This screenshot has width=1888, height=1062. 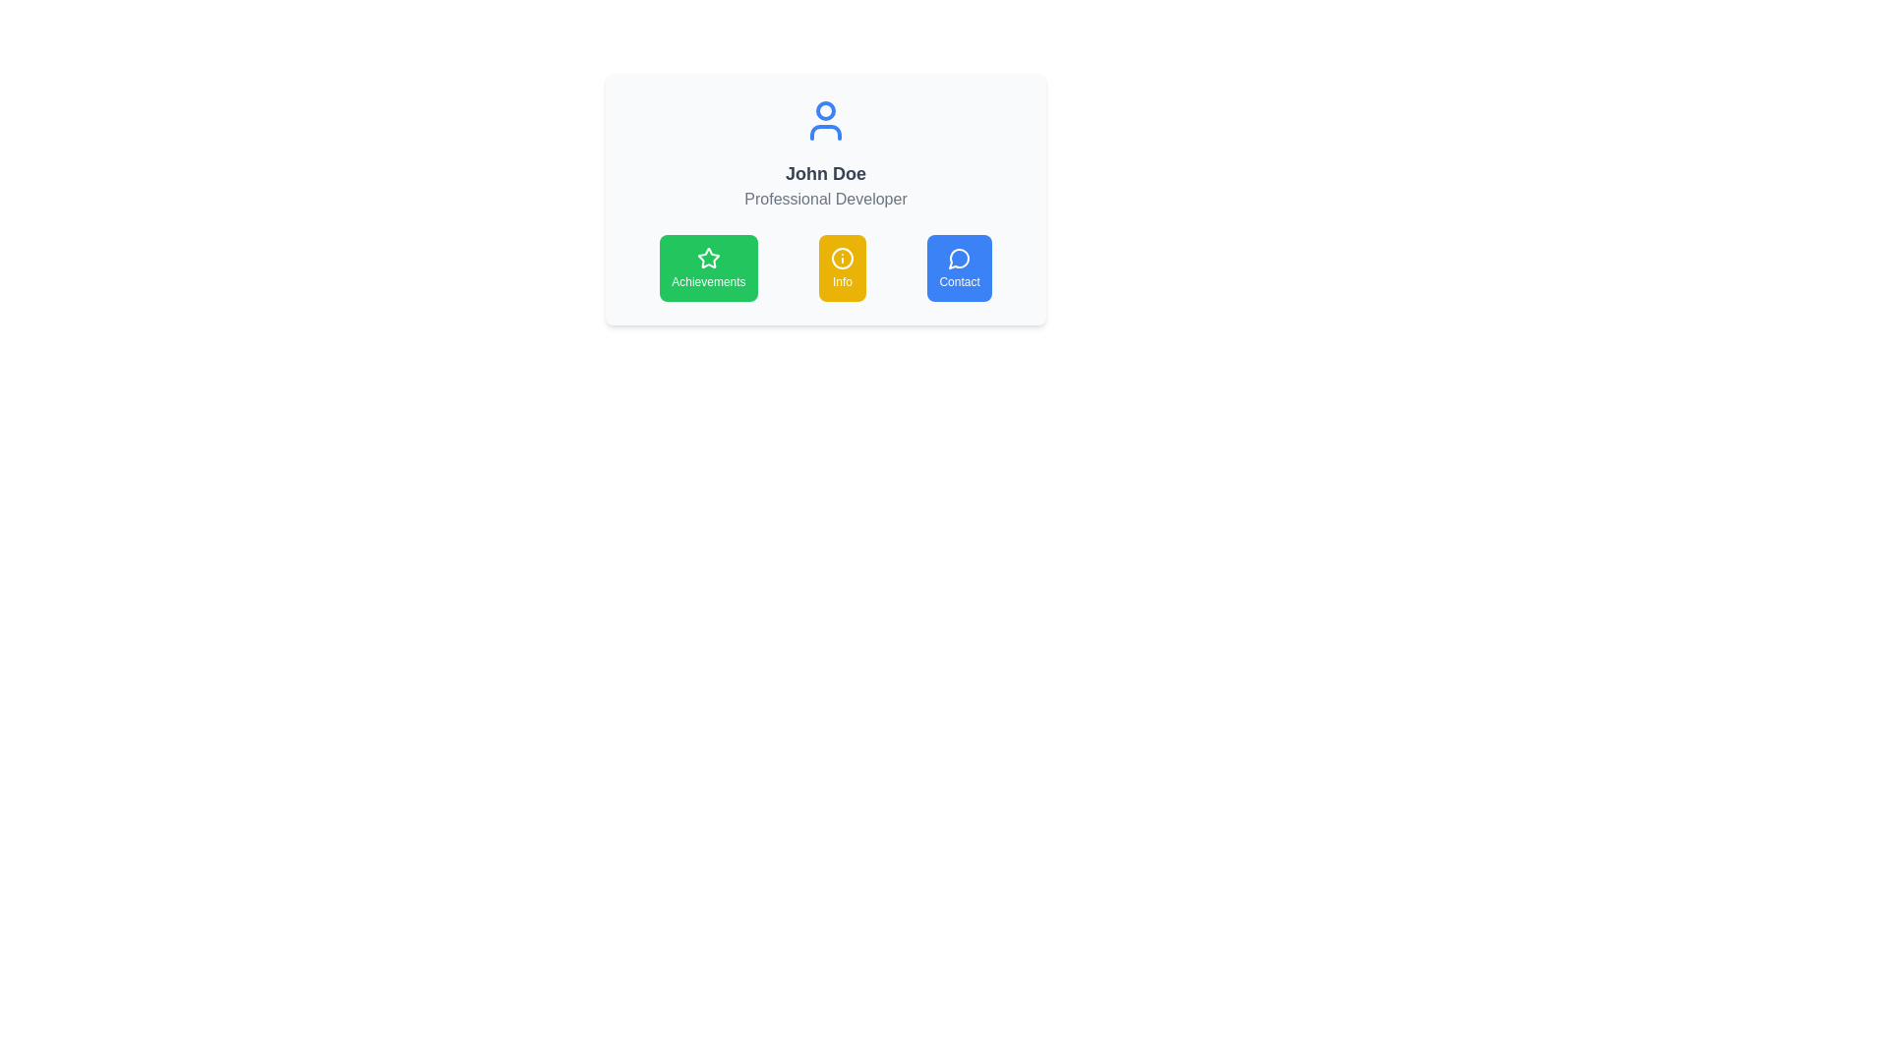 I want to click on the 'Contact' button, which is a rectangular button with a blue background, white border-radius styling, and white text featuring a speech bubble icon above the text, so click(x=959, y=268).